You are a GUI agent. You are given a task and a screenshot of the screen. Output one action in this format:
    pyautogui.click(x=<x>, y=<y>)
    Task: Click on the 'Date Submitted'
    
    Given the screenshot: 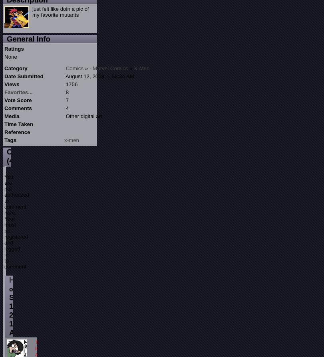 What is the action you would take?
    pyautogui.click(x=24, y=76)
    